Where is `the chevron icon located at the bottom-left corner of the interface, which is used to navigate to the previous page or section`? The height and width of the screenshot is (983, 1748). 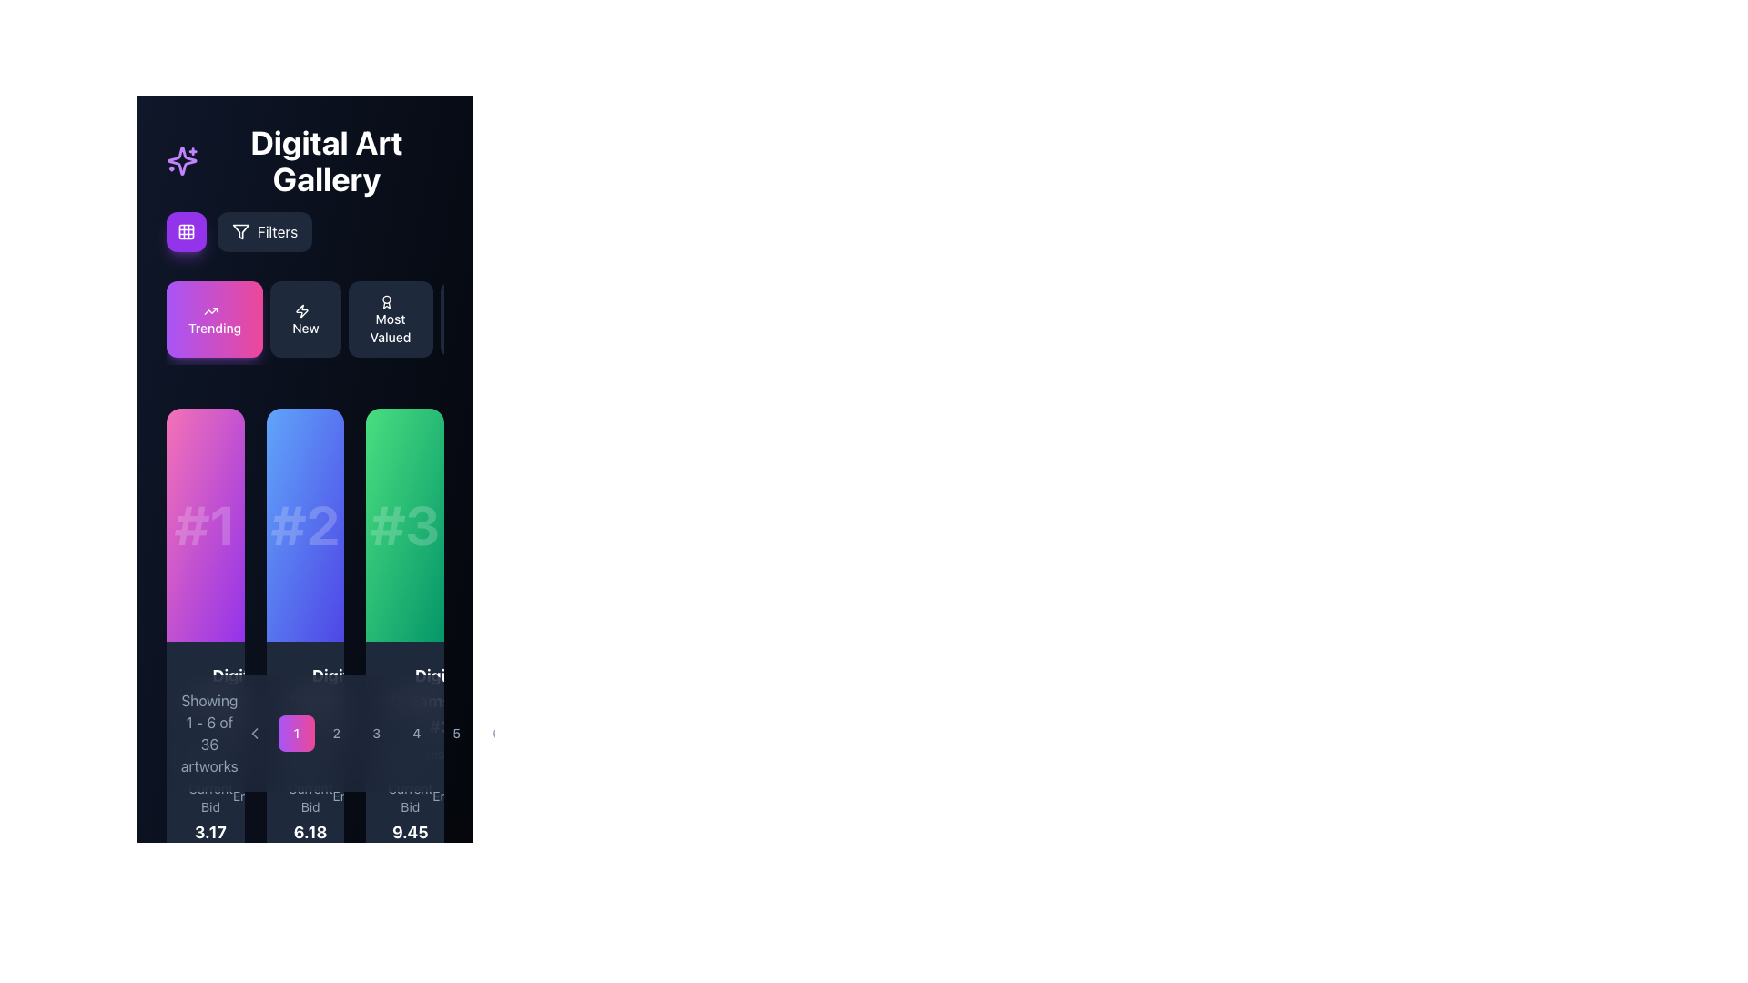 the chevron icon located at the bottom-left corner of the interface, which is used to navigate to the previous page or section is located at coordinates (253, 733).